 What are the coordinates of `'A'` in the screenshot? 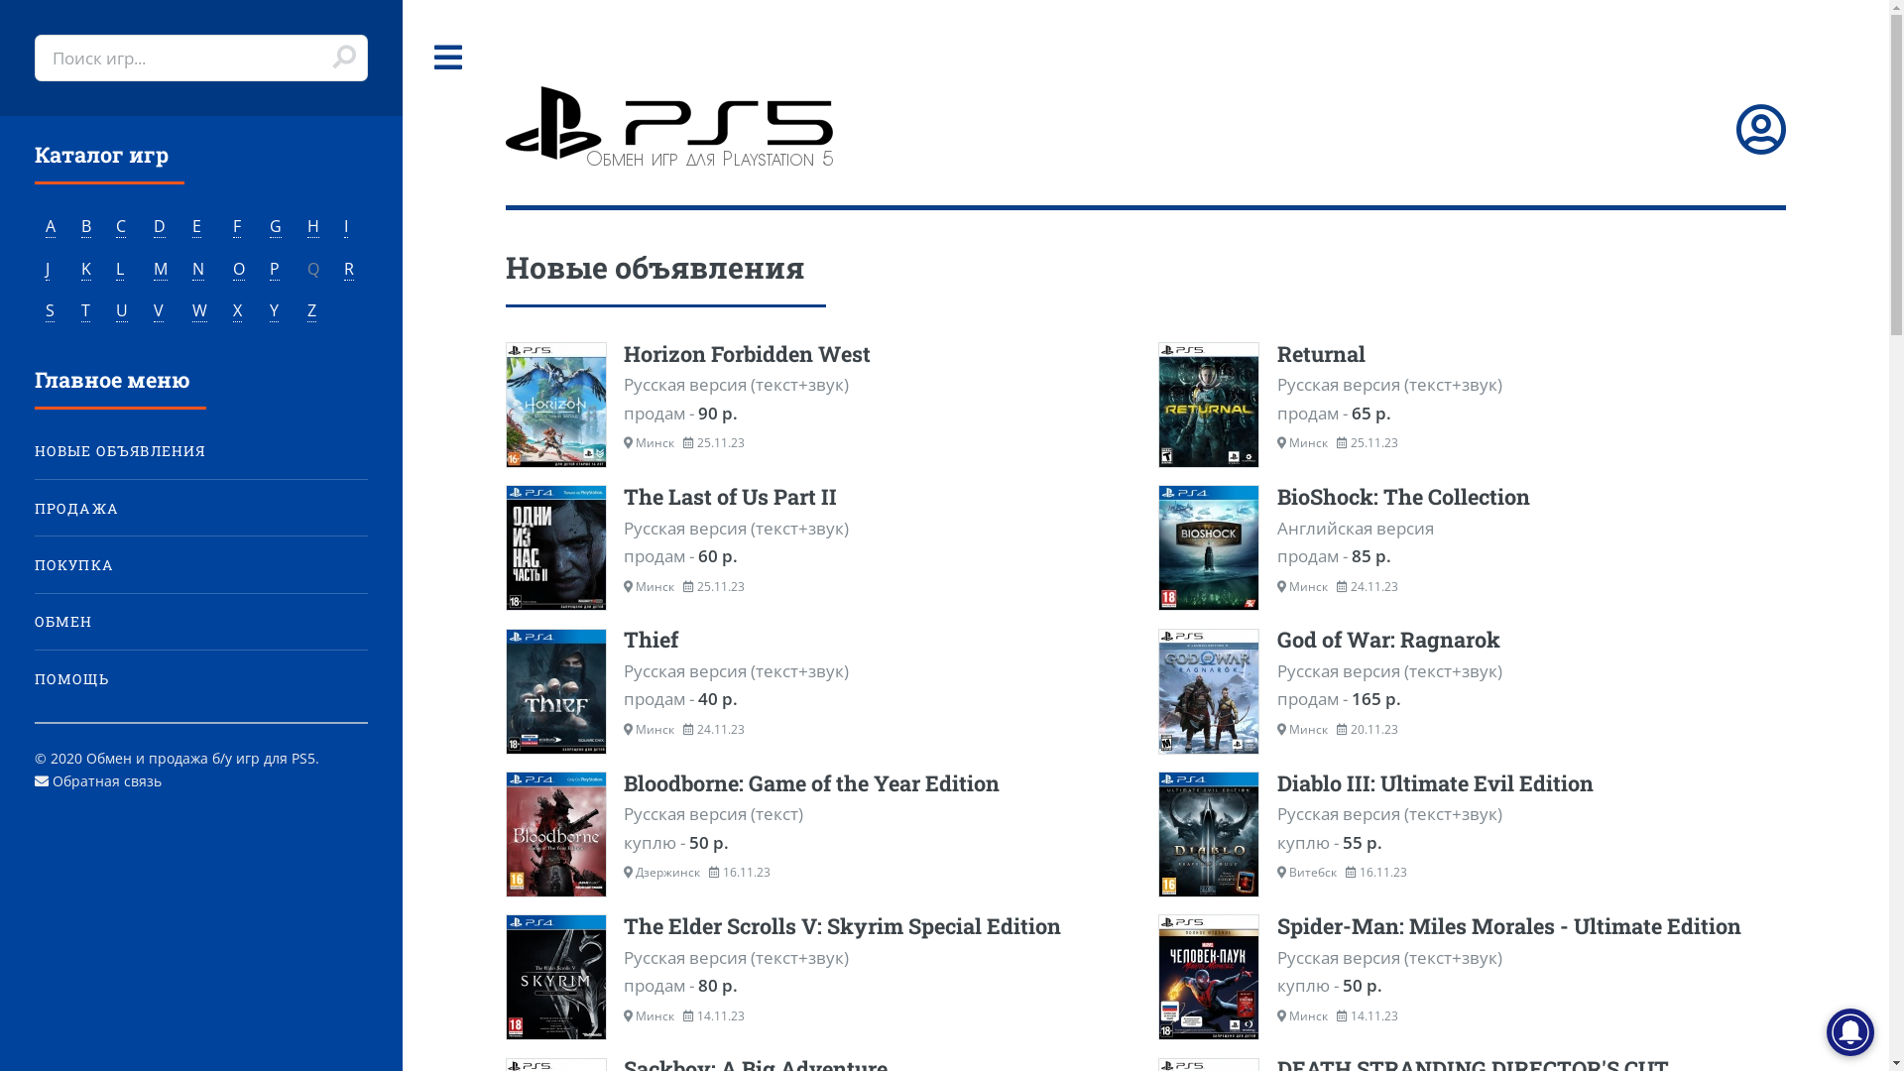 It's located at (51, 225).